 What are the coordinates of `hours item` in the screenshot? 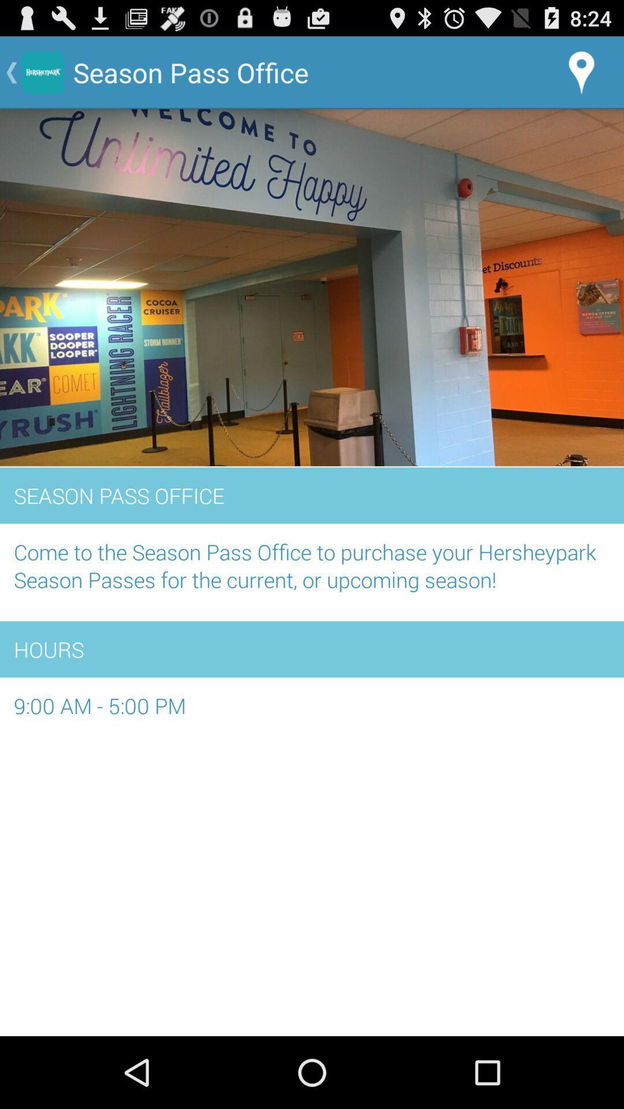 It's located at (312, 649).